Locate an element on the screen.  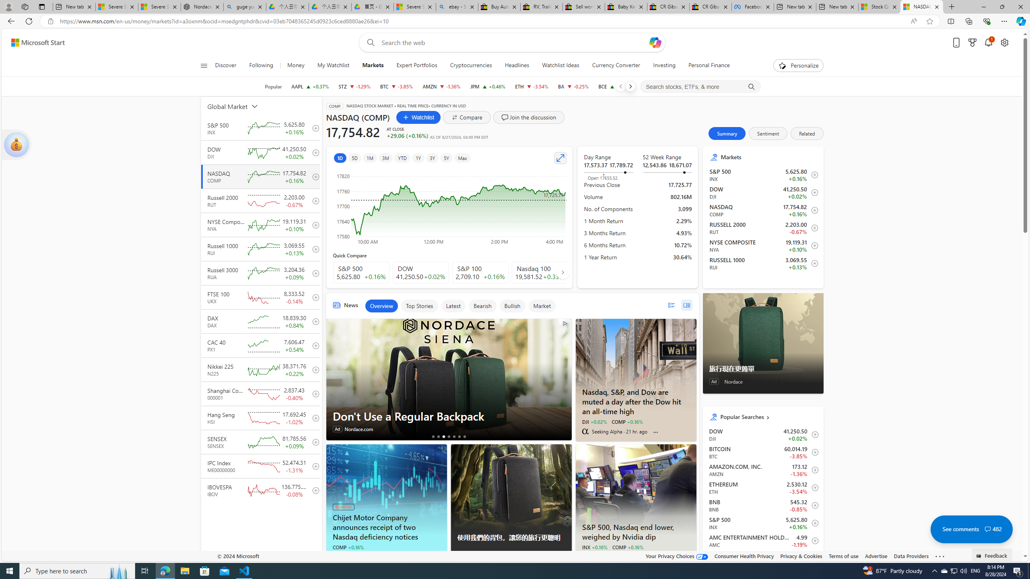
'Address and search bar' is located at coordinates (482, 21).